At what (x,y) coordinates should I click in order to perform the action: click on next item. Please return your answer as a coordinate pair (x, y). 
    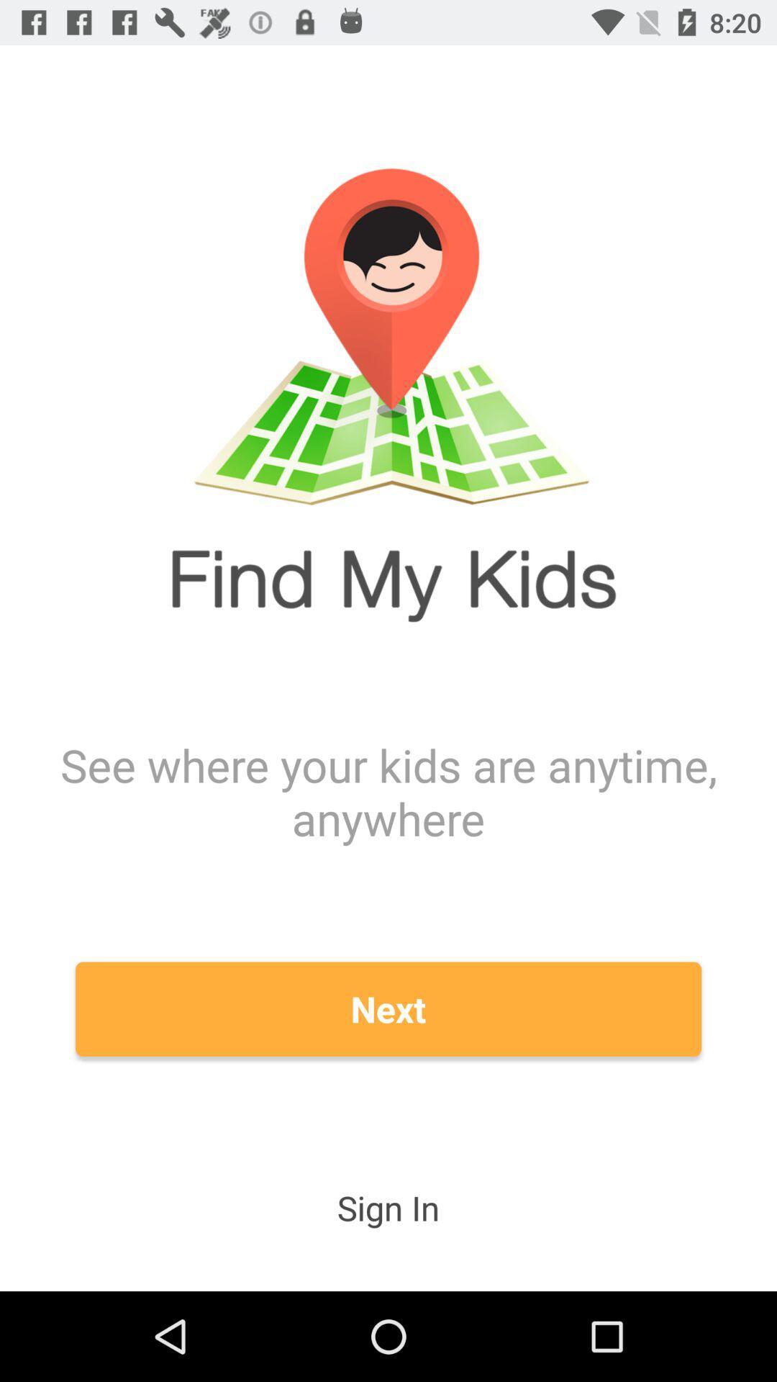
    Looking at the image, I should click on (388, 1008).